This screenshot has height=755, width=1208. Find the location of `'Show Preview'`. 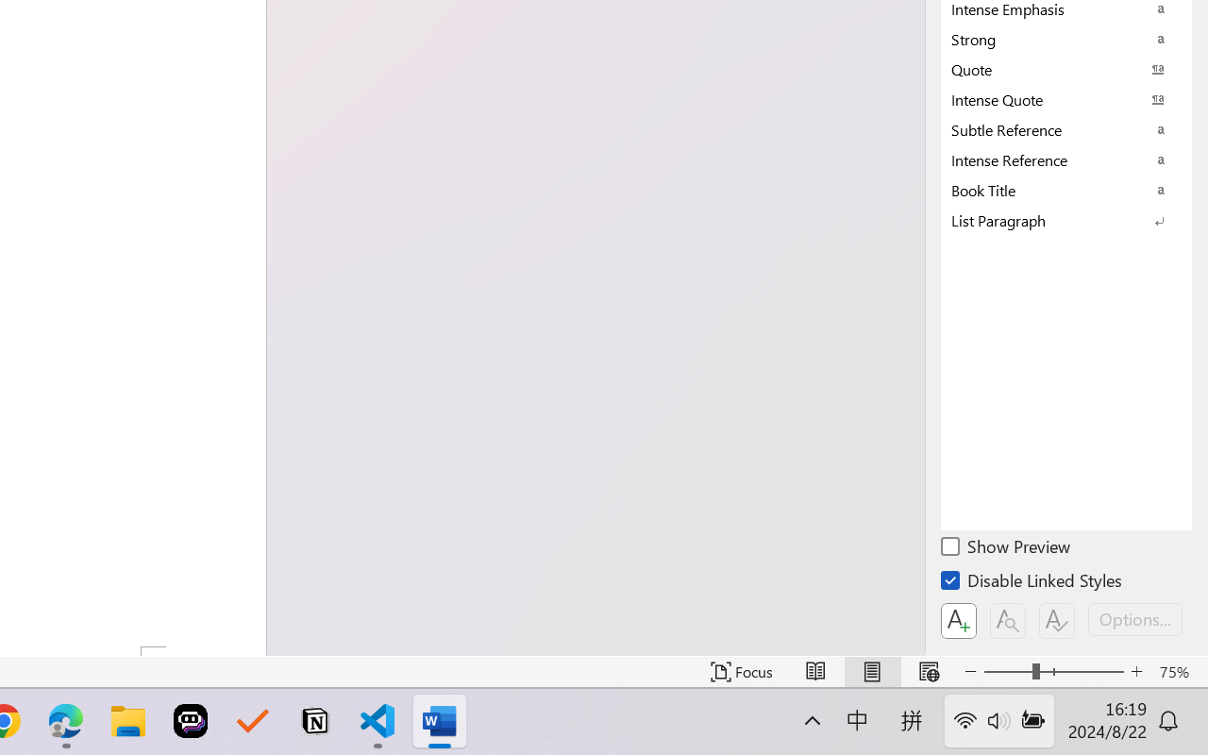

'Show Preview' is located at coordinates (1006, 548).